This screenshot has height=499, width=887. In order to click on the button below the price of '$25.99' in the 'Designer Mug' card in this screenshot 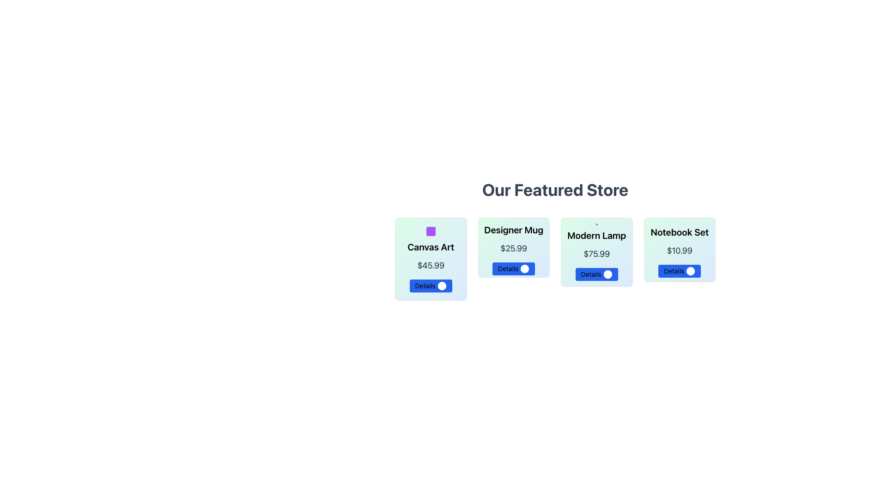, I will do `click(513, 269)`.